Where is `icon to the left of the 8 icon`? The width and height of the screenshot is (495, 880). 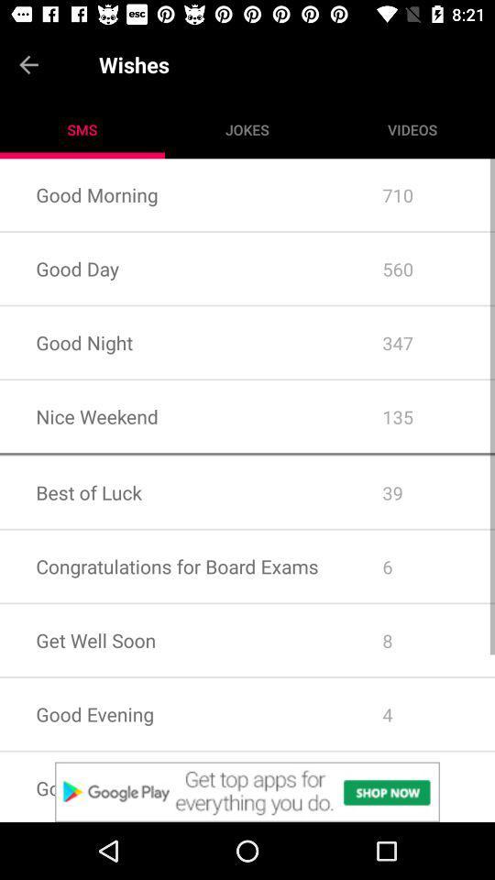
icon to the left of the 8 icon is located at coordinates (173, 713).